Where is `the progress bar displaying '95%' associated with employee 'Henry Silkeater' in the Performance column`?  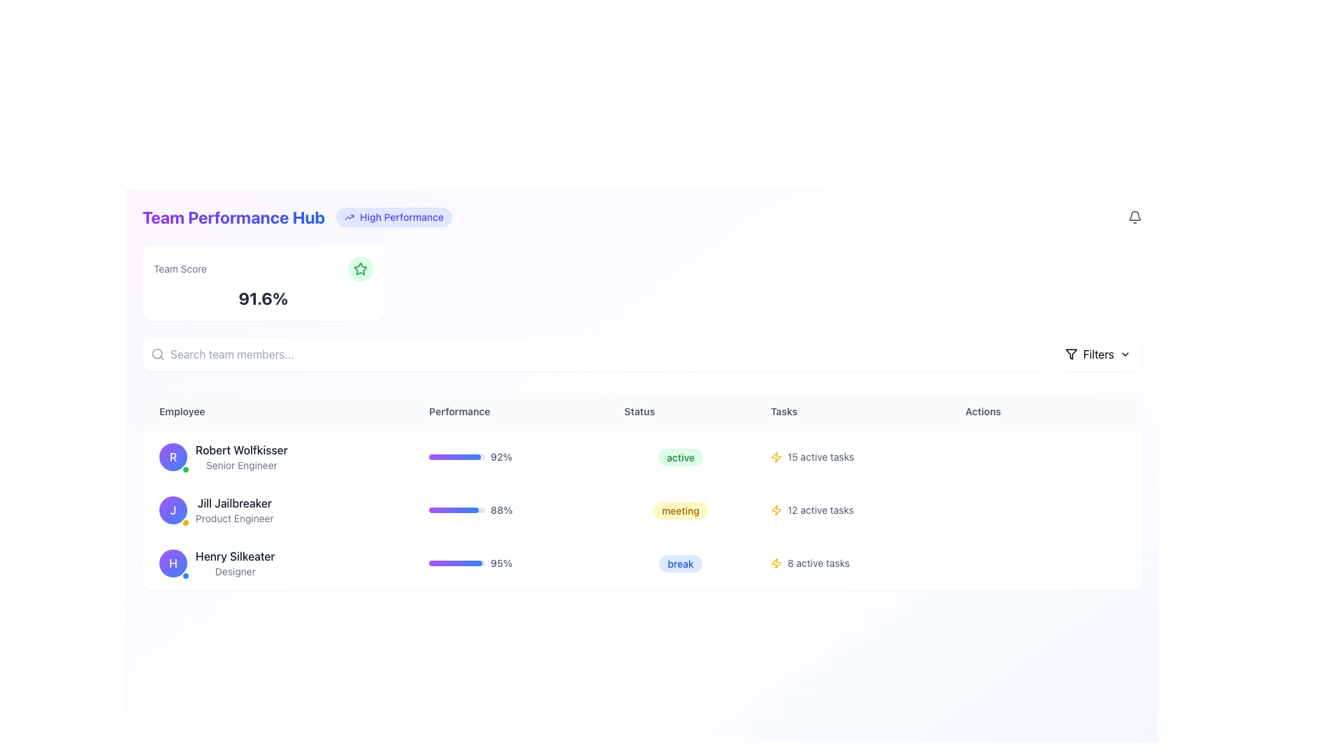
the progress bar displaying '95%' associated with employee 'Henry Silkeater' in the Performance column is located at coordinates (509, 563).